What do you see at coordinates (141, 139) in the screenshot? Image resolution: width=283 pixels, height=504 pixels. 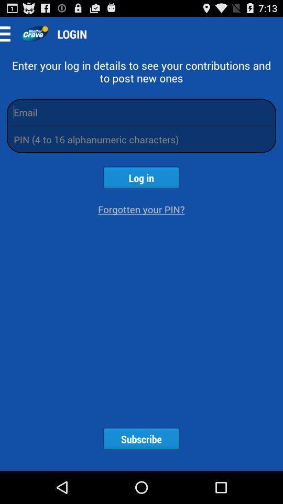 I see `your pin here` at bounding box center [141, 139].